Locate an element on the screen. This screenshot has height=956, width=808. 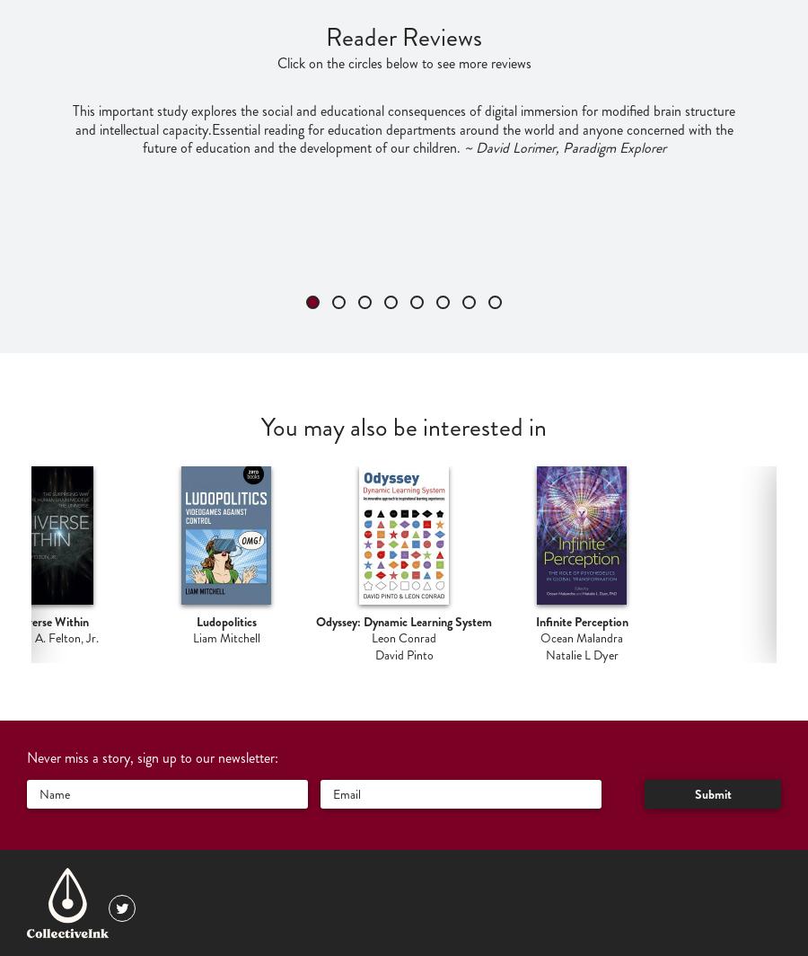
'Reader Reviews' is located at coordinates (404, 38).